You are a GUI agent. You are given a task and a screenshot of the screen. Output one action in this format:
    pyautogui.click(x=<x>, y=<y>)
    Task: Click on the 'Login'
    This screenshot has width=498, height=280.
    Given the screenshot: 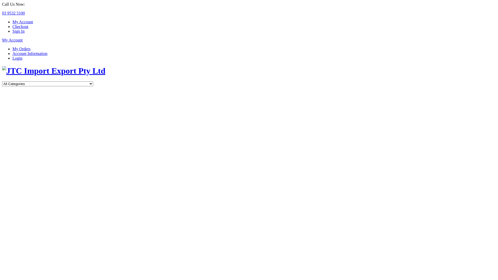 What is the action you would take?
    pyautogui.click(x=17, y=58)
    